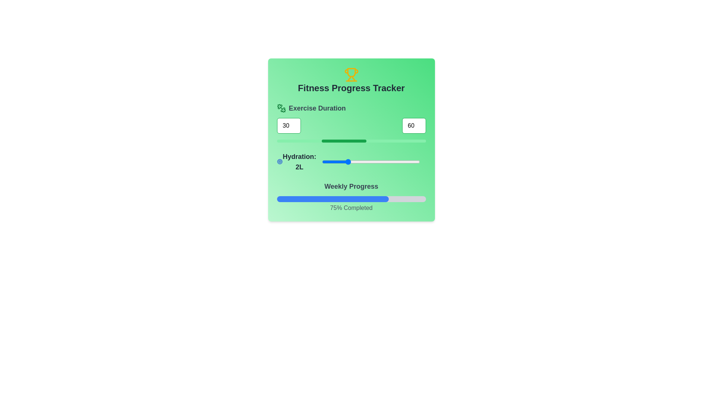  What do you see at coordinates (351, 87) in the screenshot?
I see `the Text label displaying 'Fitness Progress Tracker', which indicates the section's purpose, positioned below a trophy icon and above various progress tracking components` at bounding box center [351, 87].